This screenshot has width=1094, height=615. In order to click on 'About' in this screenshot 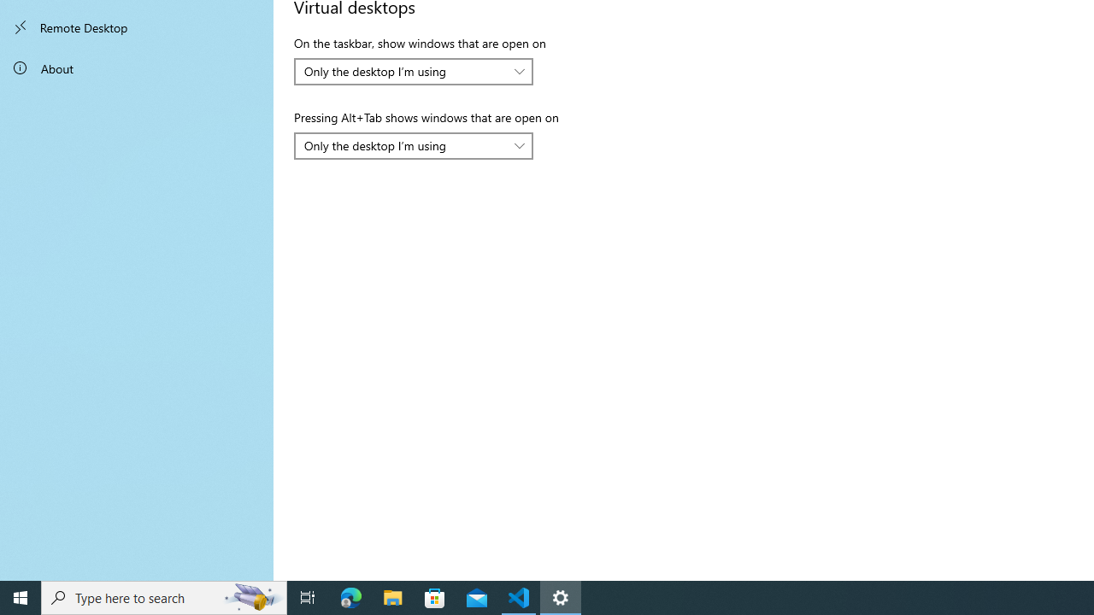, I will do `click(137, 67)`.